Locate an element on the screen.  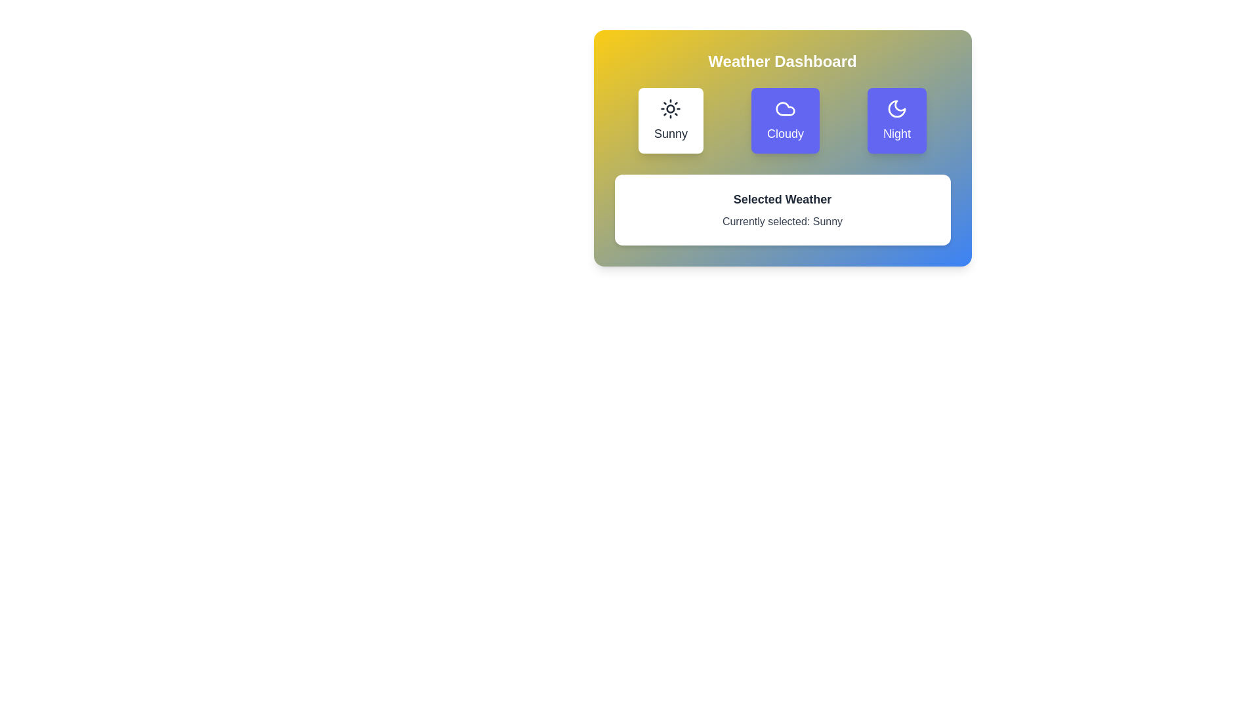
the Display Card that shows the label 'Selected Weather' with the weather condition 'Sunny', located in the 'Weather Dashboard' section beneath the buttons labeled 'Sunny', 'Cloudy', and 'Night' is located at coordinates (782, 209).